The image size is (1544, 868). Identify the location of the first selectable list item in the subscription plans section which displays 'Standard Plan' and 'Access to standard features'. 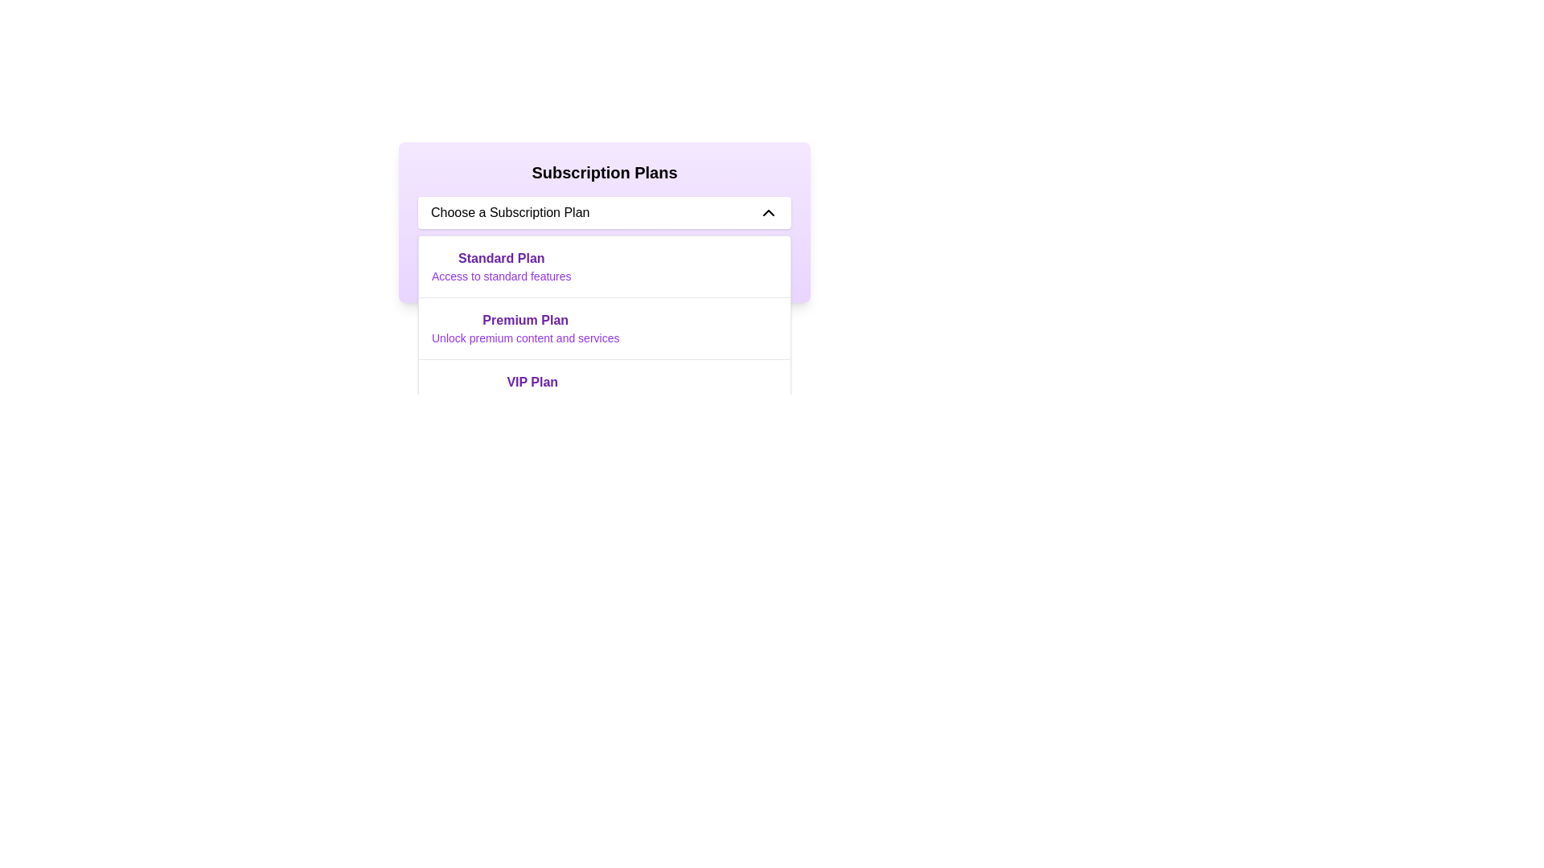
(500, 265).